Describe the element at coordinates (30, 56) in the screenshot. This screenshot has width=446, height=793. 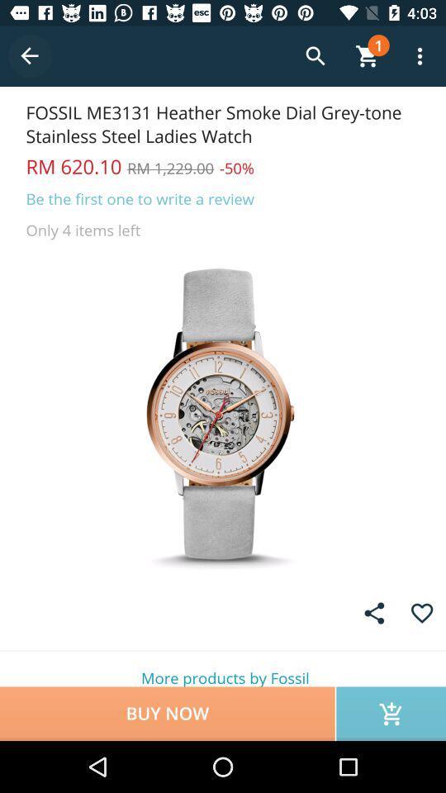
I see `previous screen` at that location.